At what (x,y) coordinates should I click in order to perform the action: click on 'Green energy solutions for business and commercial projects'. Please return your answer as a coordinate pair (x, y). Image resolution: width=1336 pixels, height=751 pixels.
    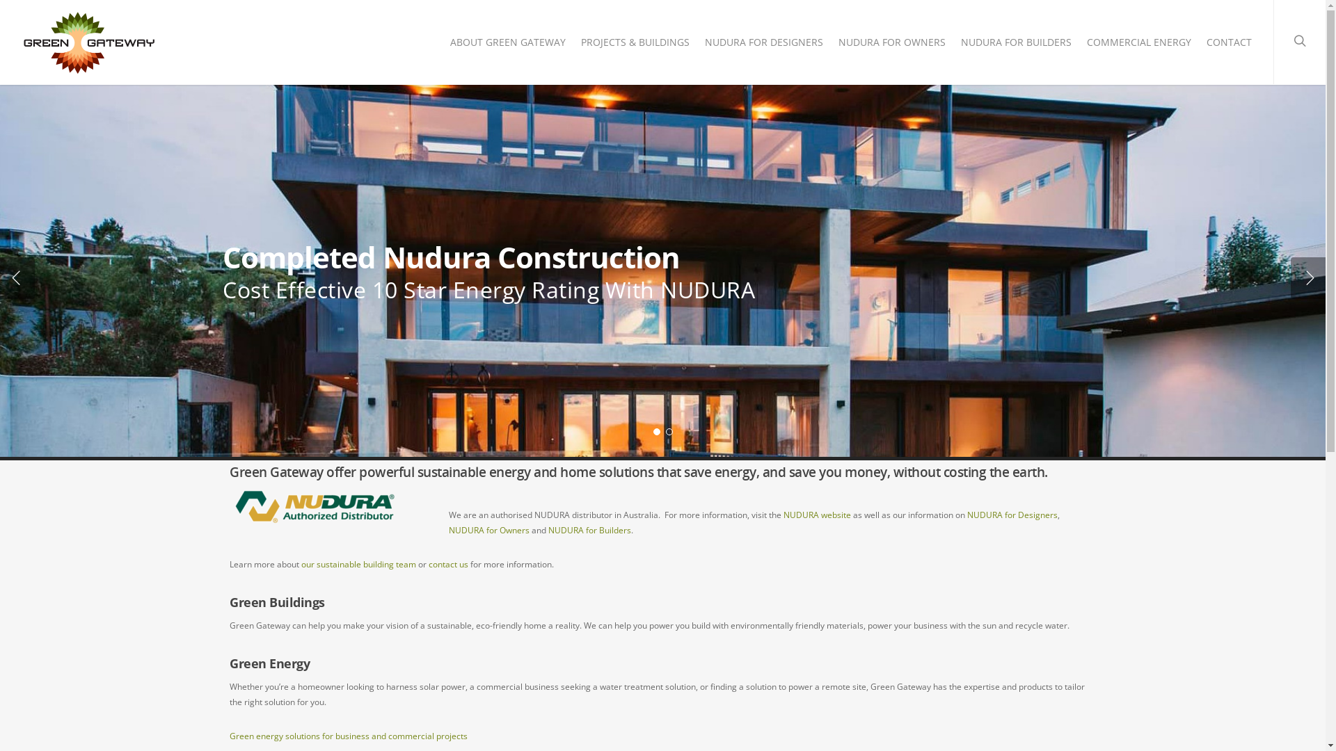
    Looking at the image, I should click on (348, 735).